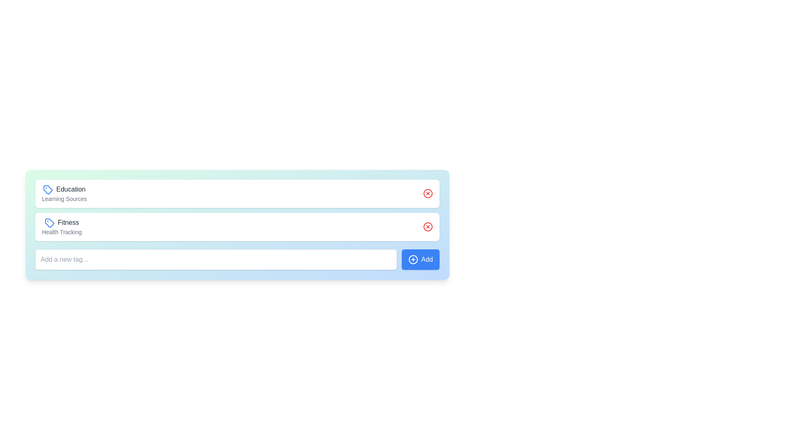 This screenshot has height=443, width=788. I want to click on the descriptive text label that provides additional information about the 'Education' category, positioned below the 'Education' label, so click(64, 199).